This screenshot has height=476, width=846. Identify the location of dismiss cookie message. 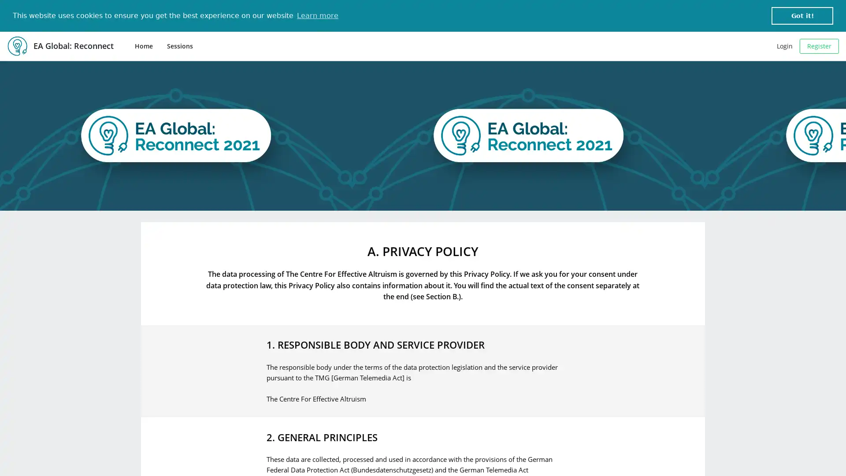
(802, 15).